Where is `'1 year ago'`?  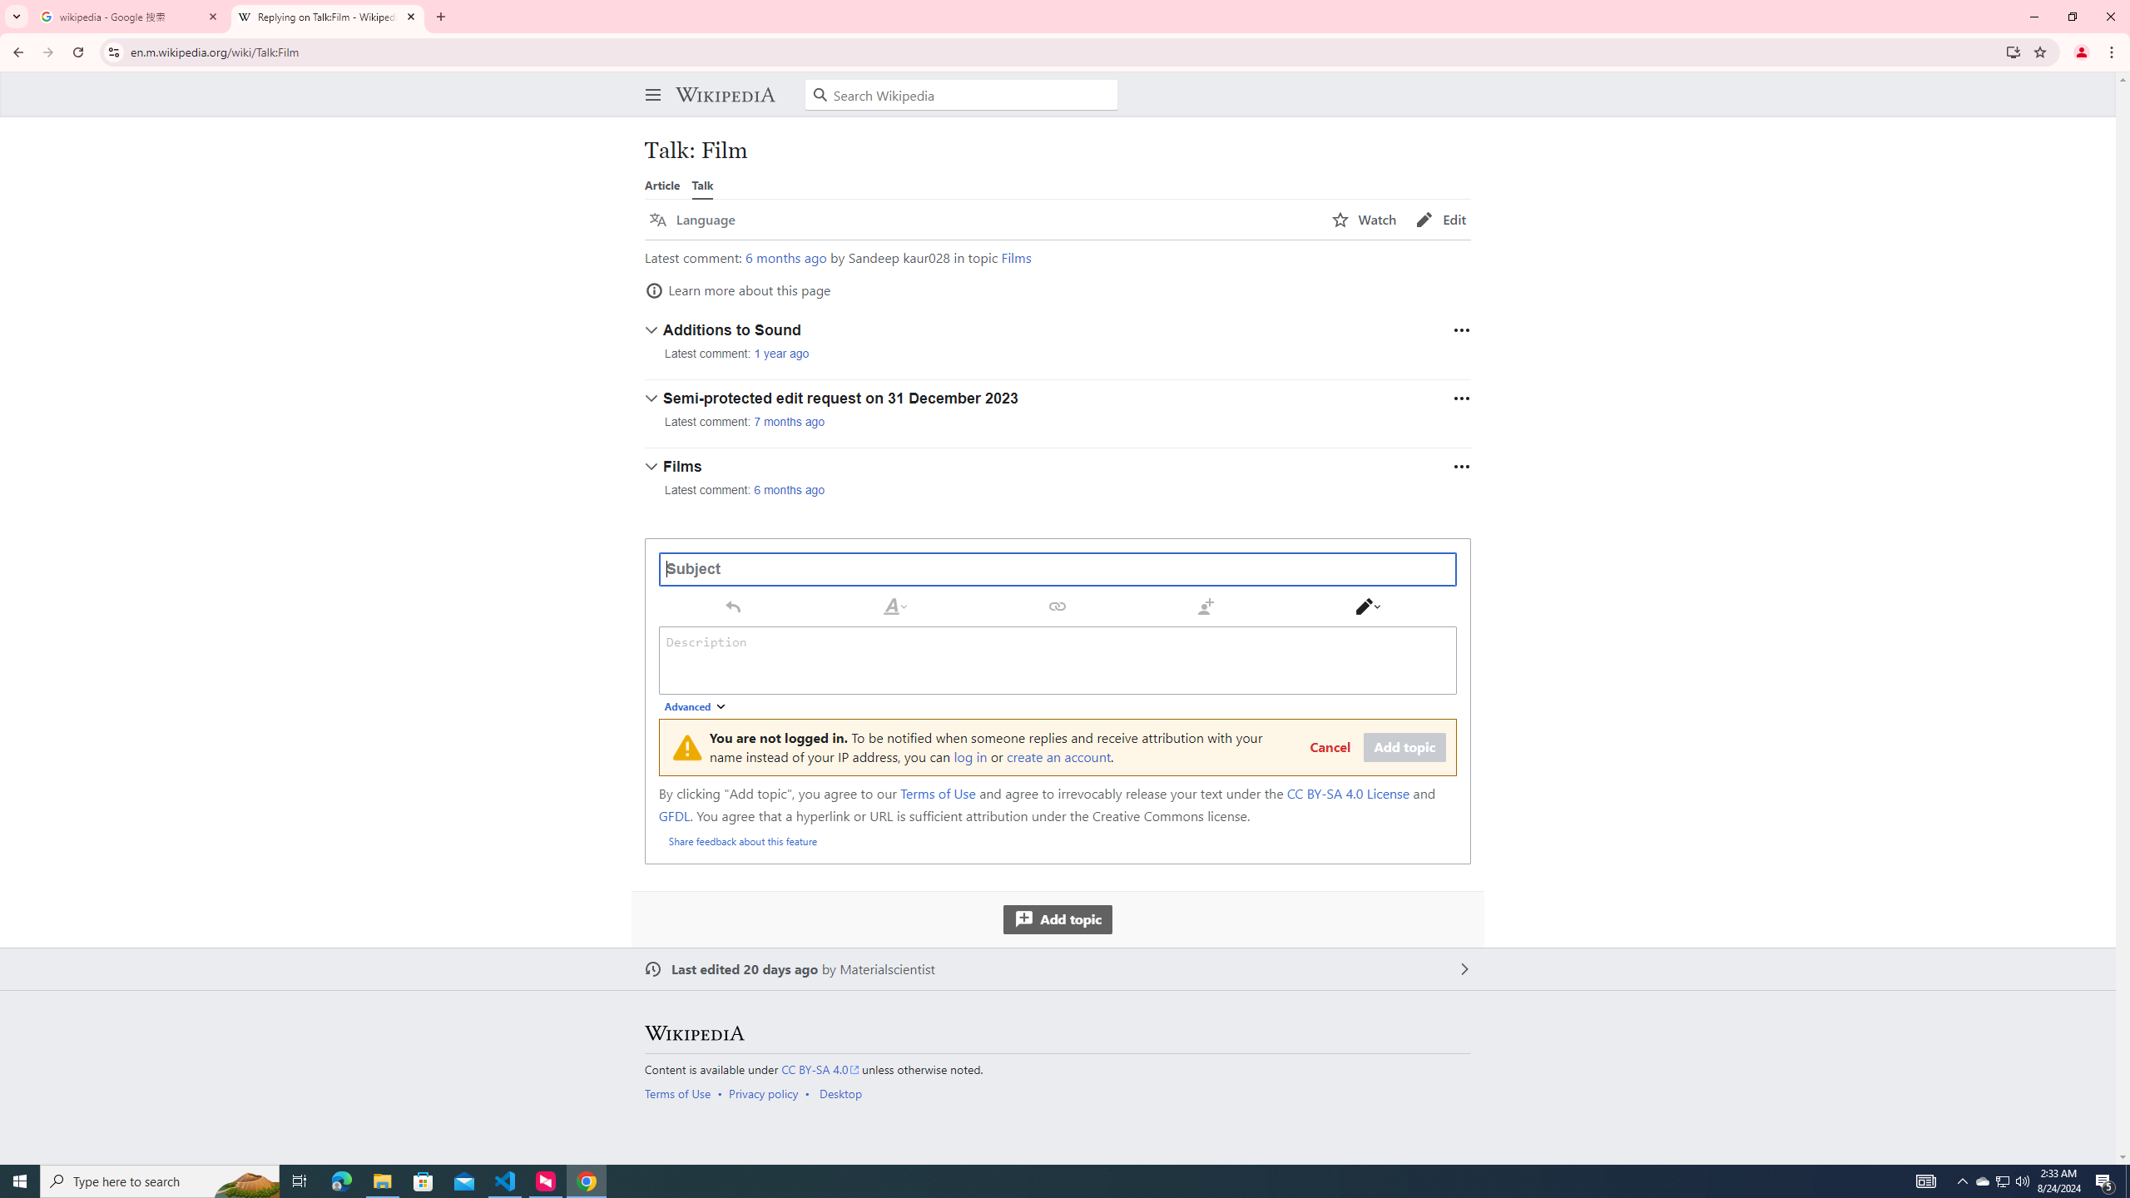 '1 year ago' is located at coordinates (780, 354).